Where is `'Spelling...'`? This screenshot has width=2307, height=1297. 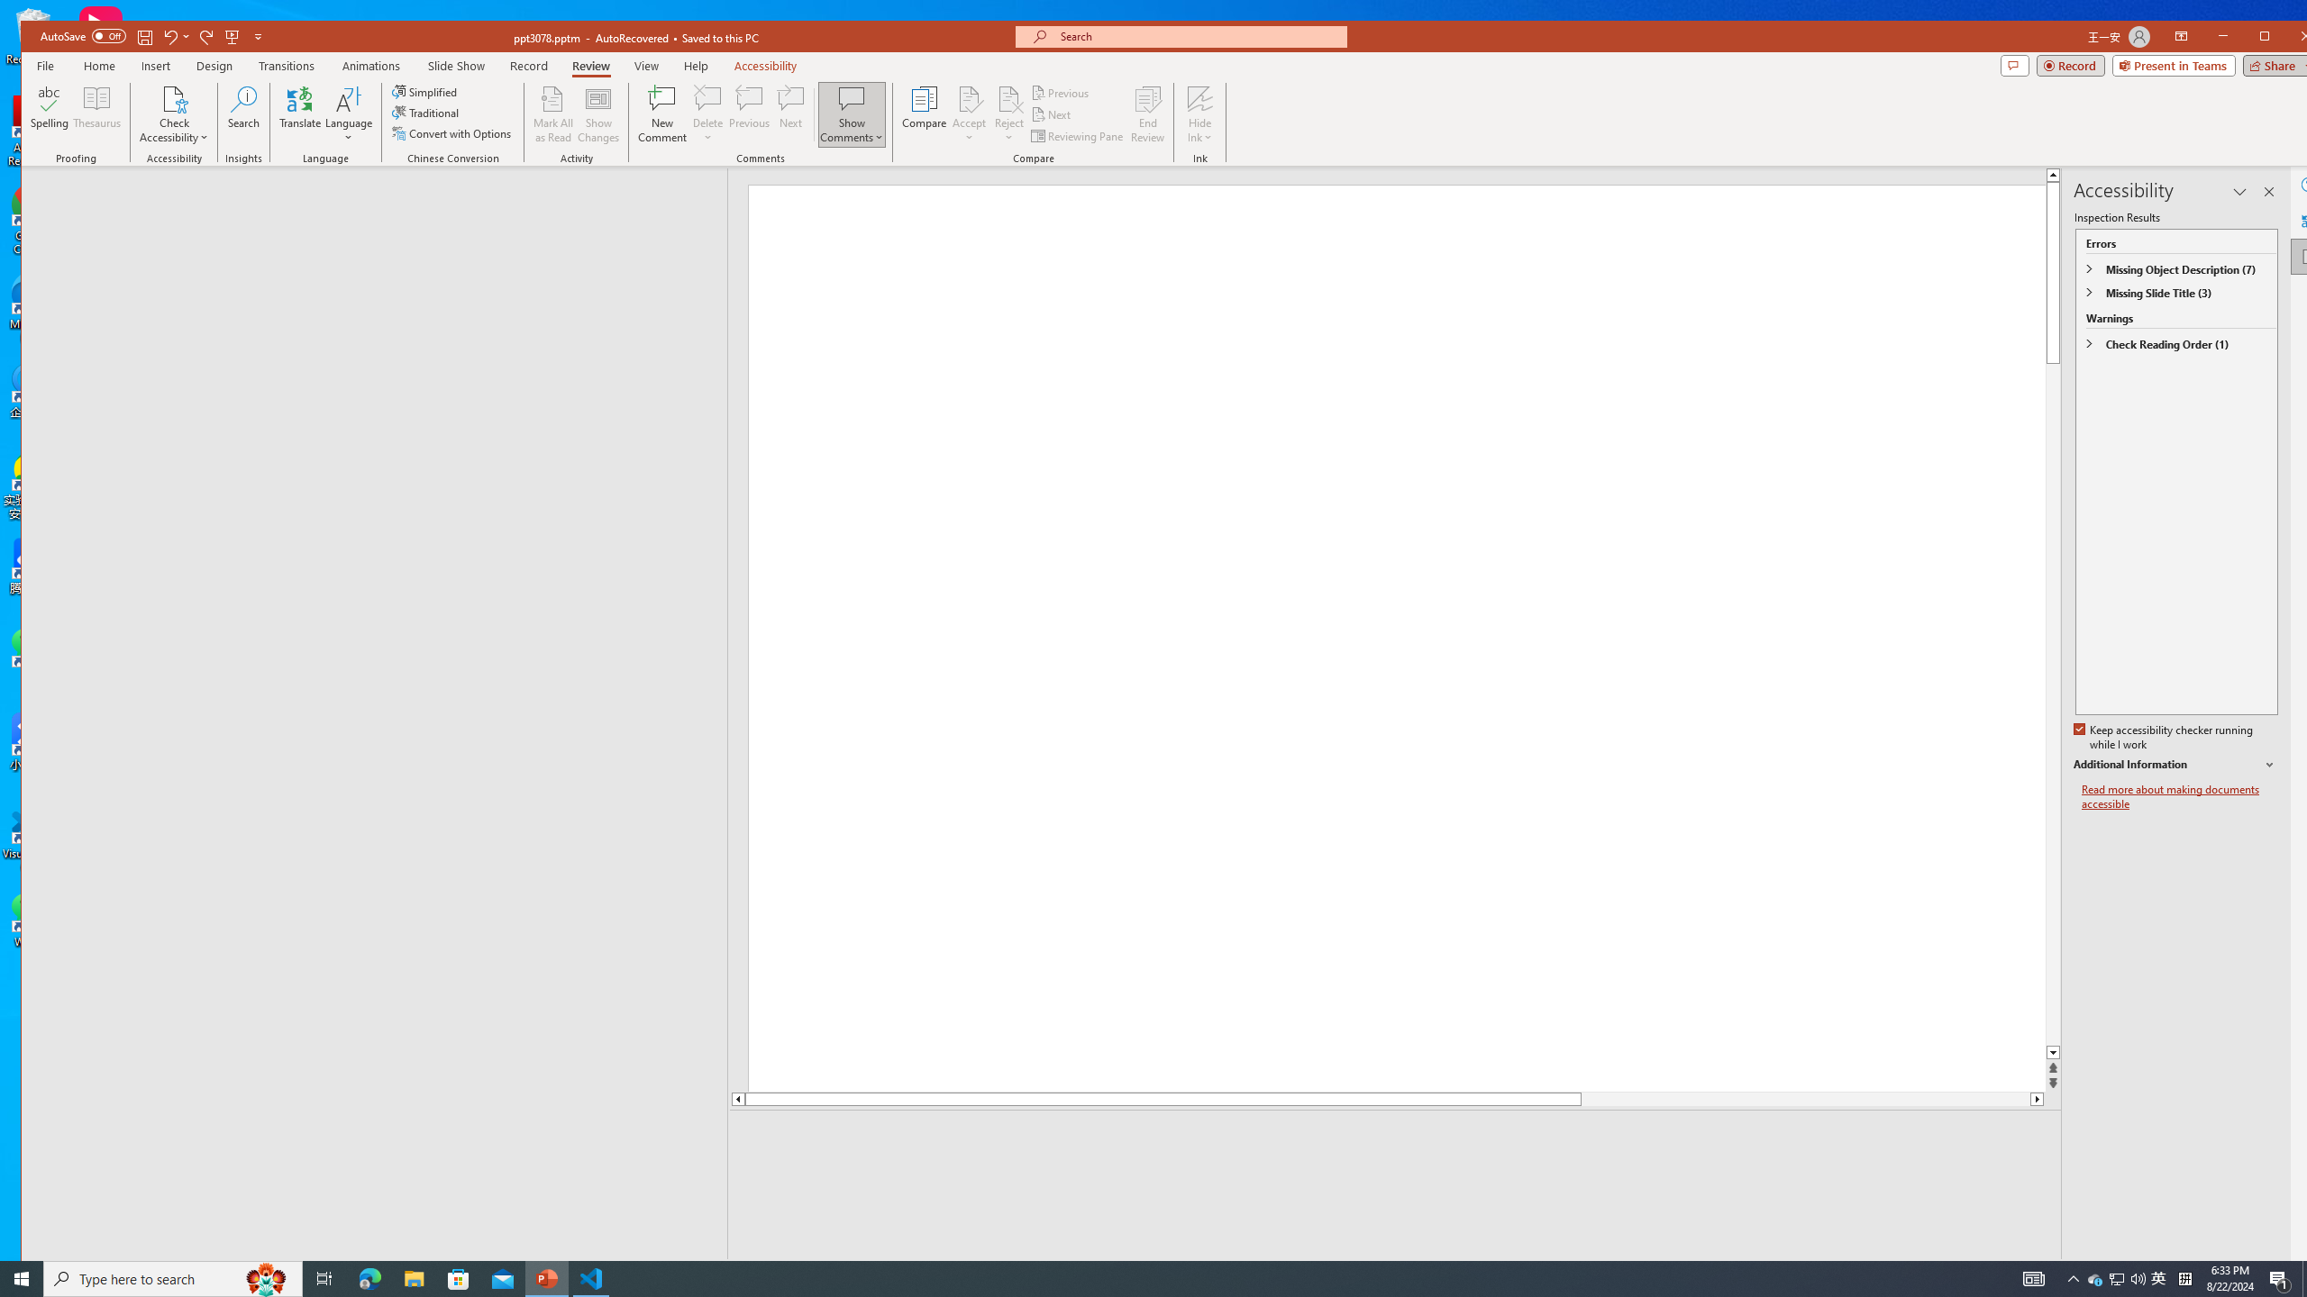 'Spelling...' is located at coordinates (49, 113).